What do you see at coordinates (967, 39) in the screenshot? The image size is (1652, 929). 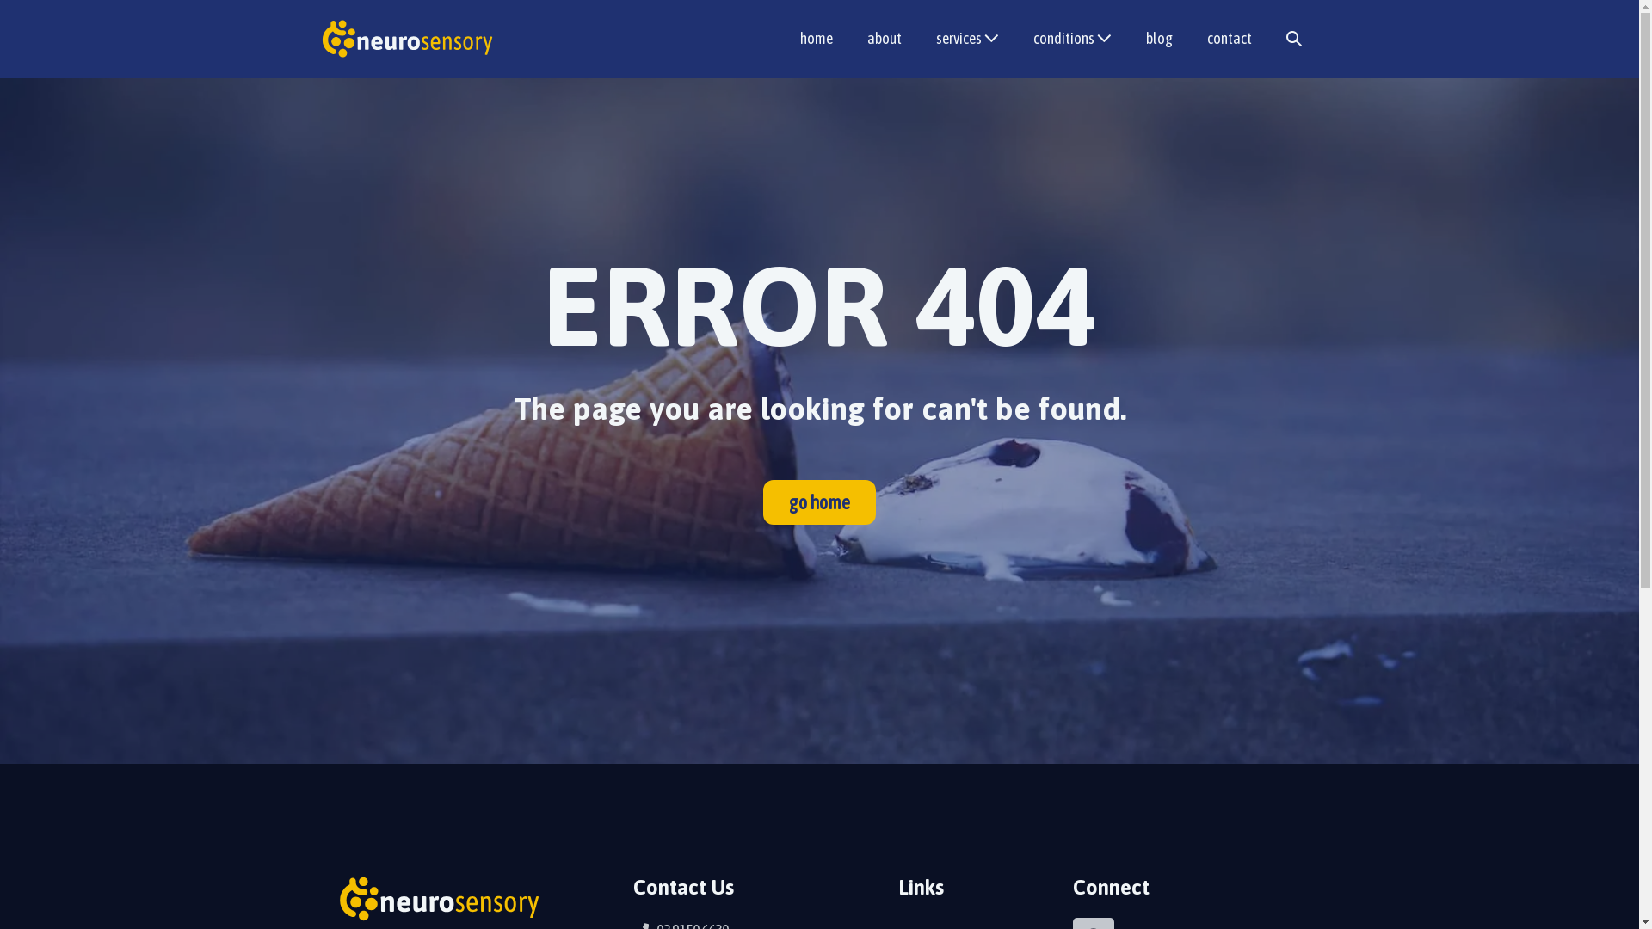 I see `'services'` at bounding box center [967, 39].